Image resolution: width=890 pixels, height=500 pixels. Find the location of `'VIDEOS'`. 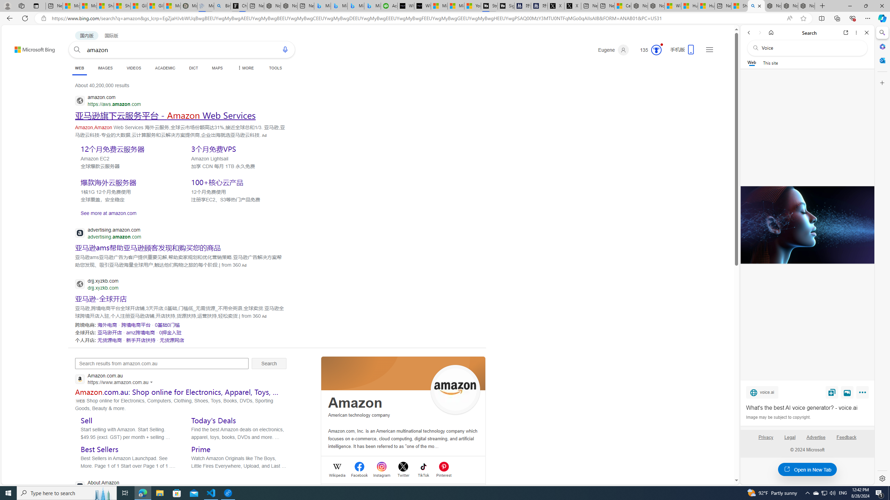

'VIDEOS' is located at coordinates (133, 68).